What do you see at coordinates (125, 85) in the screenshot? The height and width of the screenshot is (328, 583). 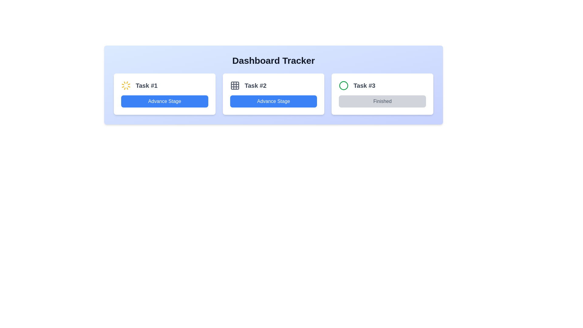 I see `the yellow circular loading spinner icon with radial lines, located at the top left corner of the Task #1 card adjacent to the text 'Task #1'` at bounding box center [125, 85].